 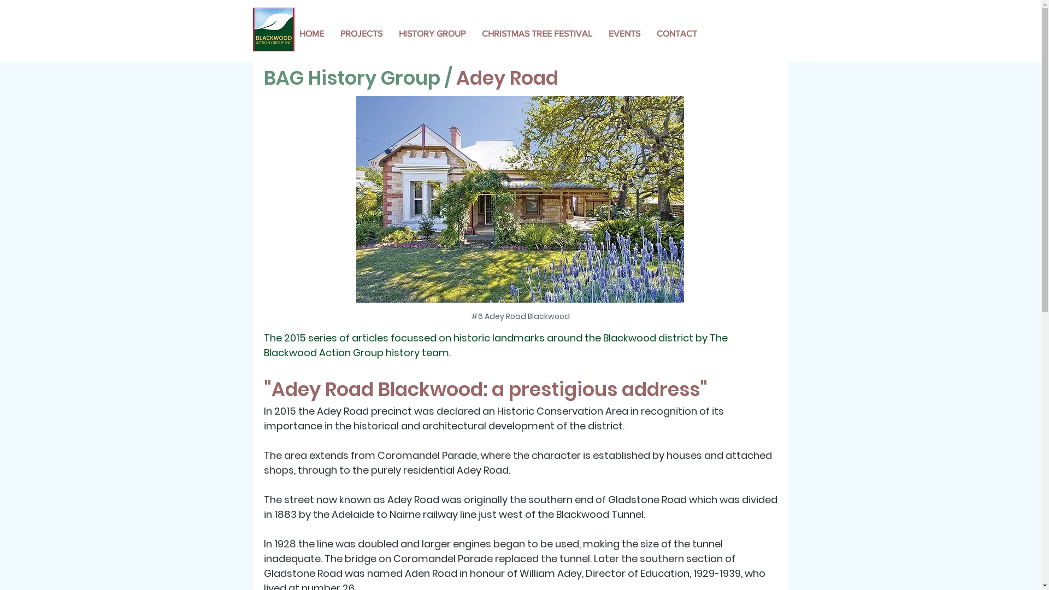 I want to click on 'CONTACT', so click(x=676, y=33).